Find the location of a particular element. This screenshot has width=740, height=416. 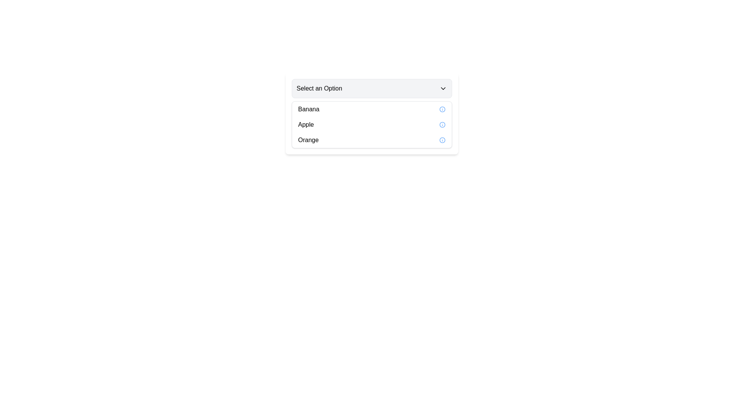

the informational/help icon located immediately to the right of the text 'Apple' in the dropdown-like menu is located at coordinates (442, 124).